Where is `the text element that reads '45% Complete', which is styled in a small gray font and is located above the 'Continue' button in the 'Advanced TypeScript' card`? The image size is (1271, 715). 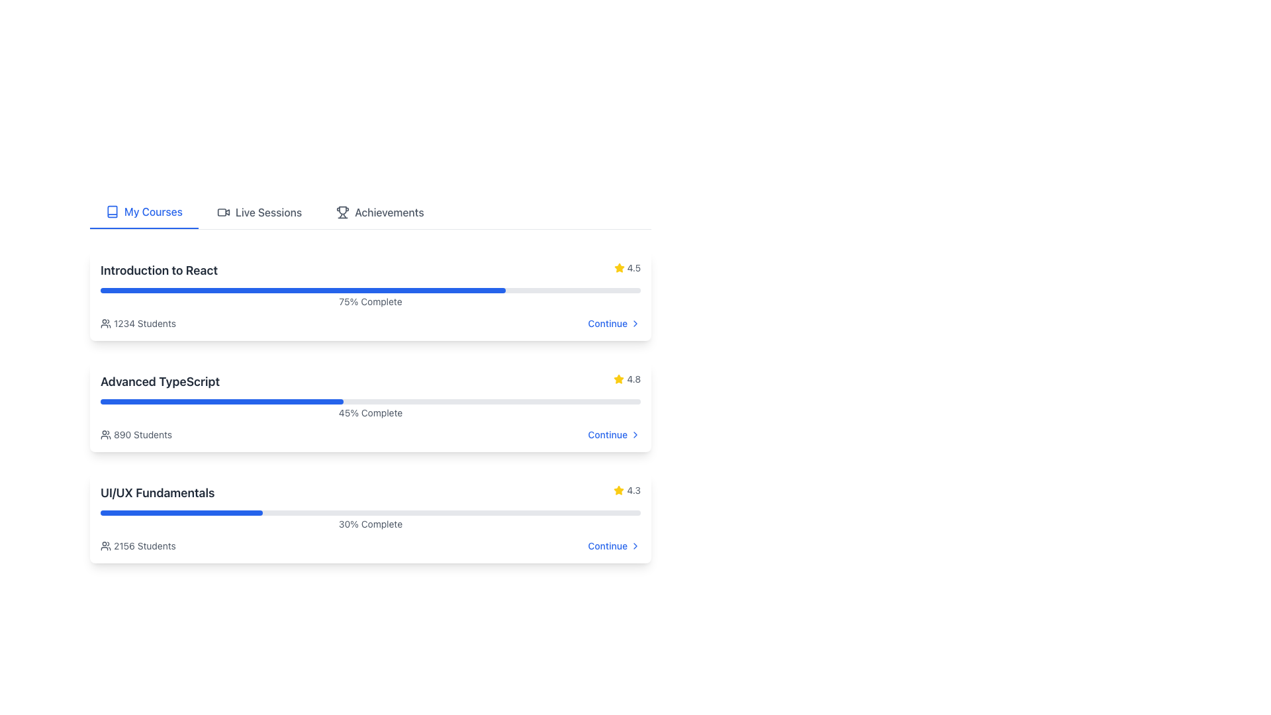 the text element that reads '45% Complete', which is styled in a small gray font and is located above the 'Continue' button in the 'Advanced TypeScript' card is located at coordinates (371, 412).